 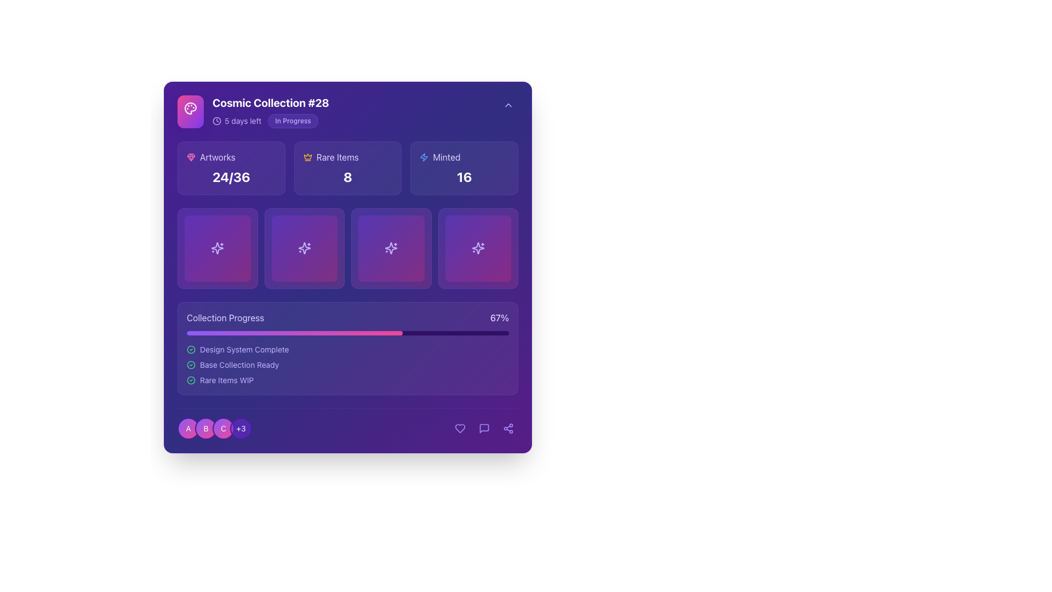 I want to click on the green circular outline icon associated with the 'Base Collection Ready' label in the 'Collection Progress' section, so click(x=191, y=349).